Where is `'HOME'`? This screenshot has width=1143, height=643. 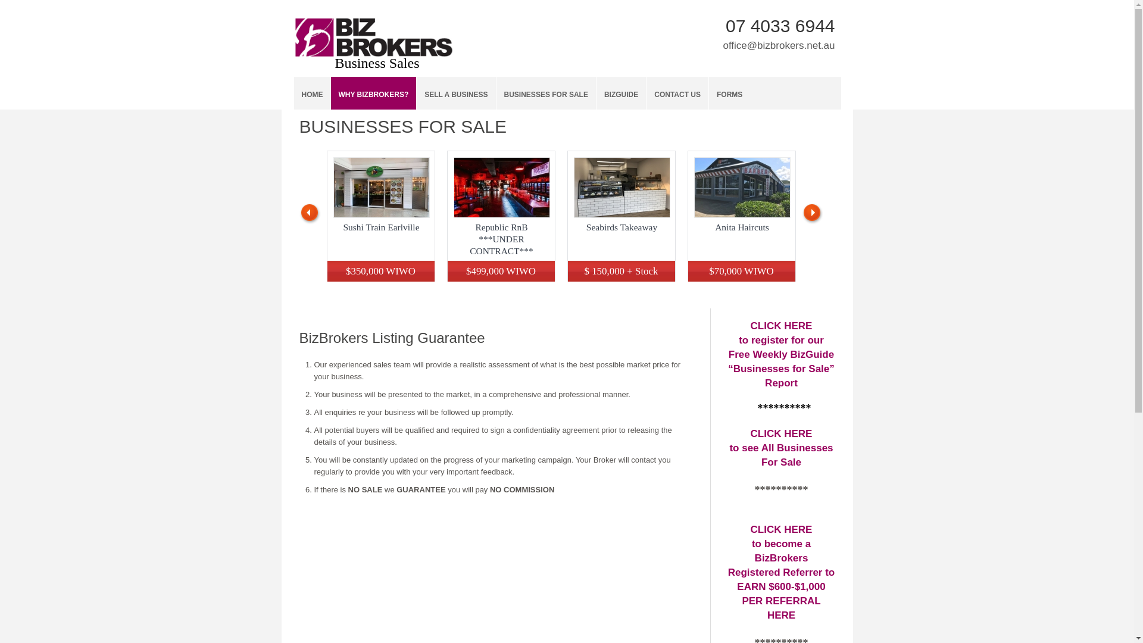
'HOME' is located at coordinates (312, 92).